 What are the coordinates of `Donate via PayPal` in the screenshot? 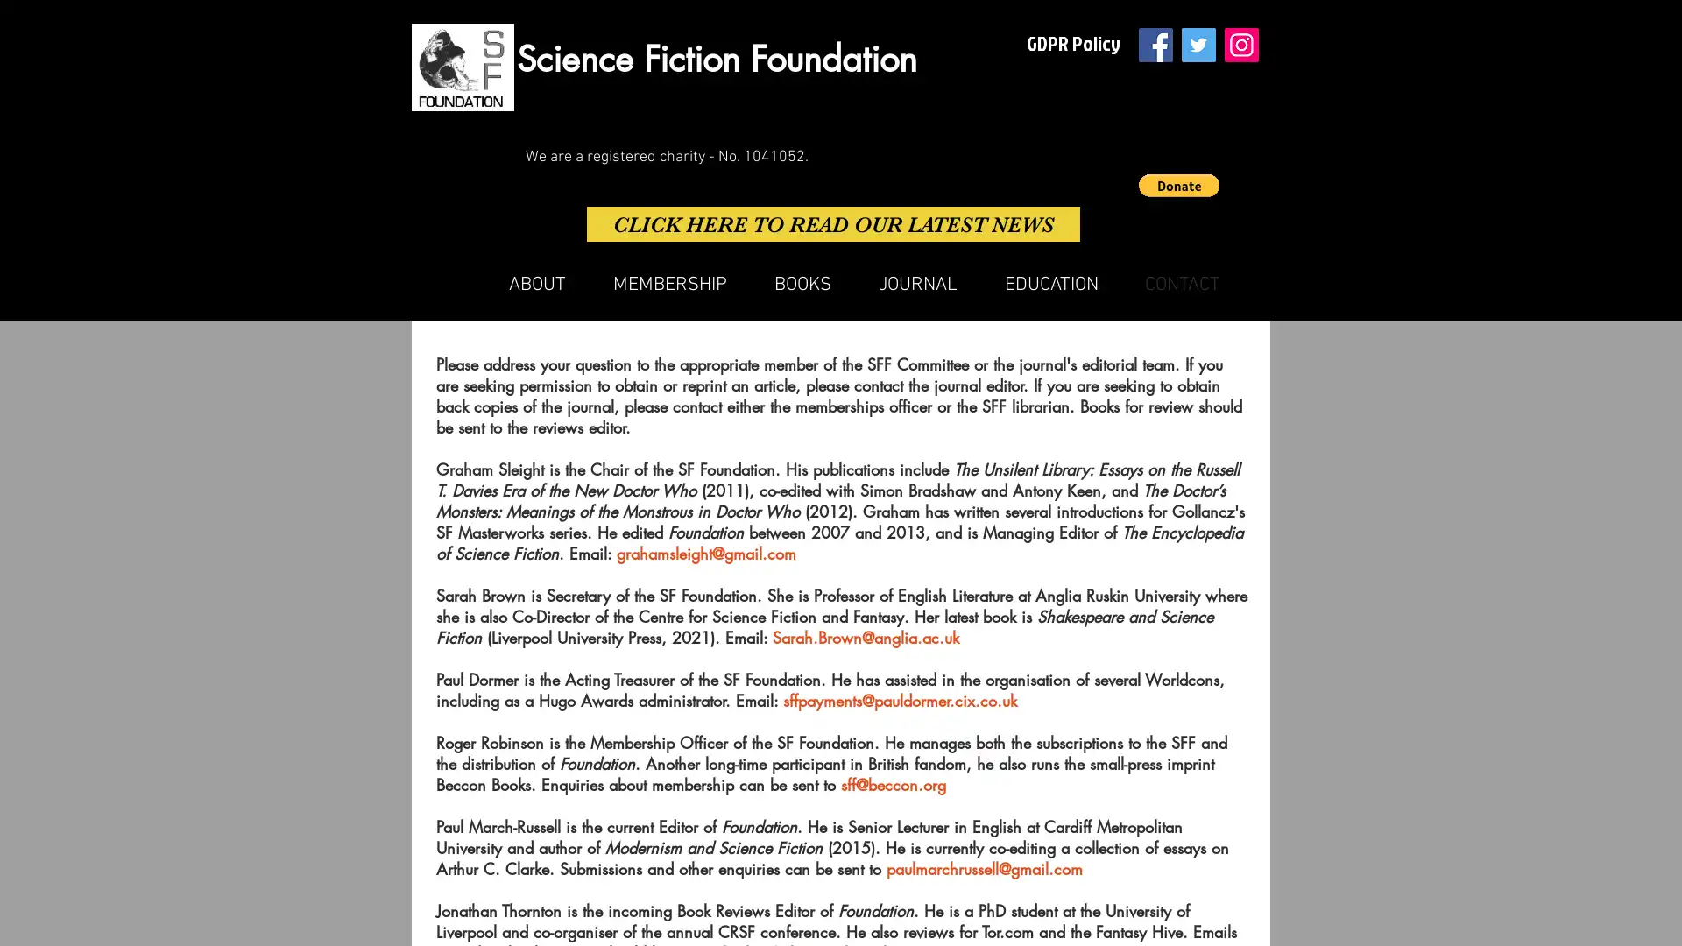 It's located at (1178, 186).